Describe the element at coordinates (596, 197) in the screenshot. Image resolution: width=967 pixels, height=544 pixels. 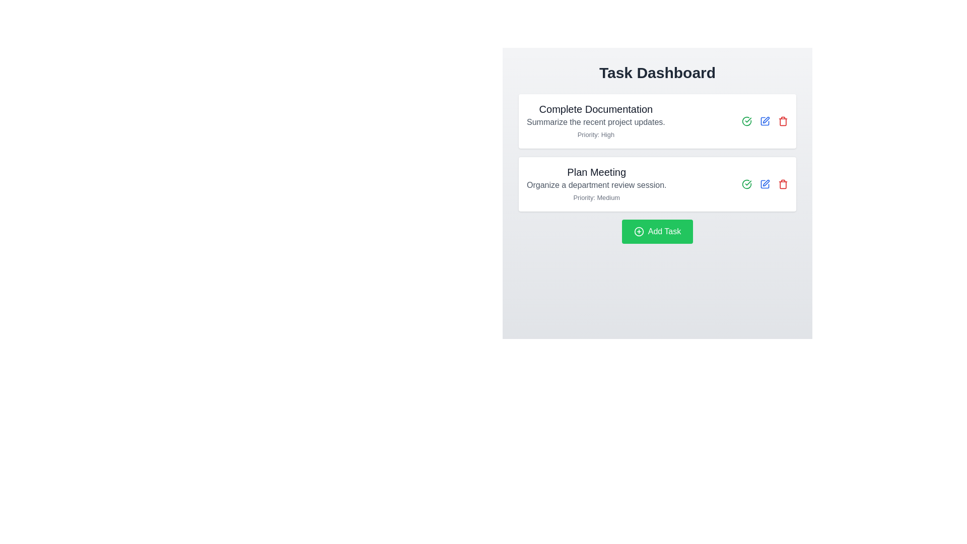
I see `the priority level label located at the bottom of the 'Plan Meeting' task card` at that location.